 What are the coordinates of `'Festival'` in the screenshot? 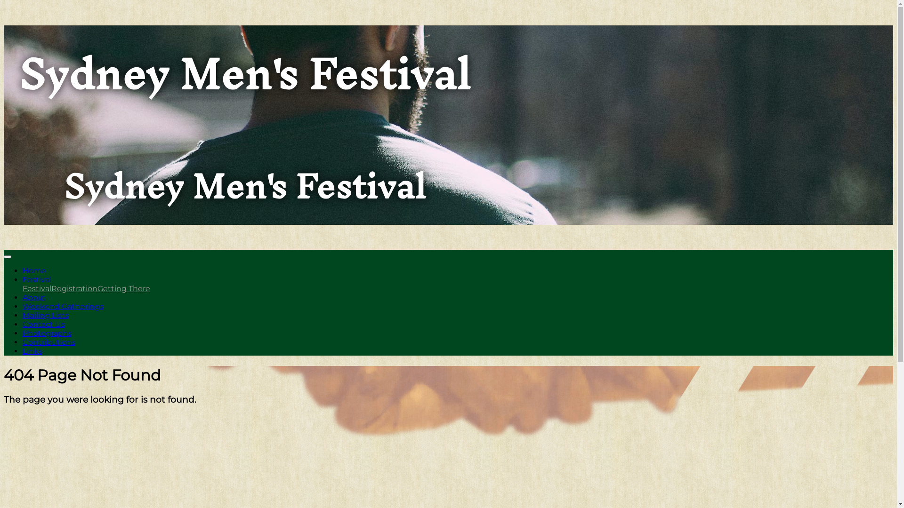 It's located at (23, 288).